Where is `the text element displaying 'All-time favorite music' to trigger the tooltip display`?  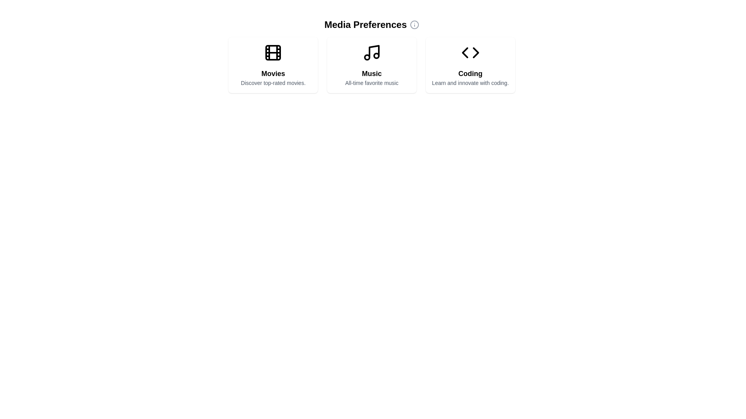 the text element displaying 'All-time favorite music' to trigger the tooltip display is located at coordinates (371, 83).